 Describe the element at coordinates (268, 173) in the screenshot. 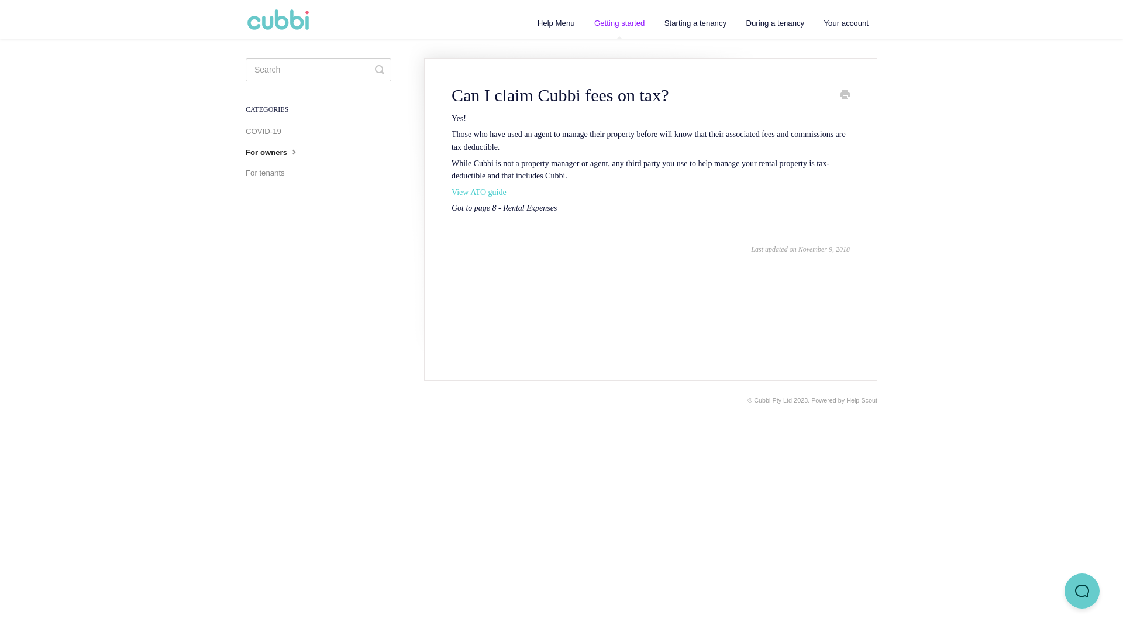

I see `'For tenants'` at that location.